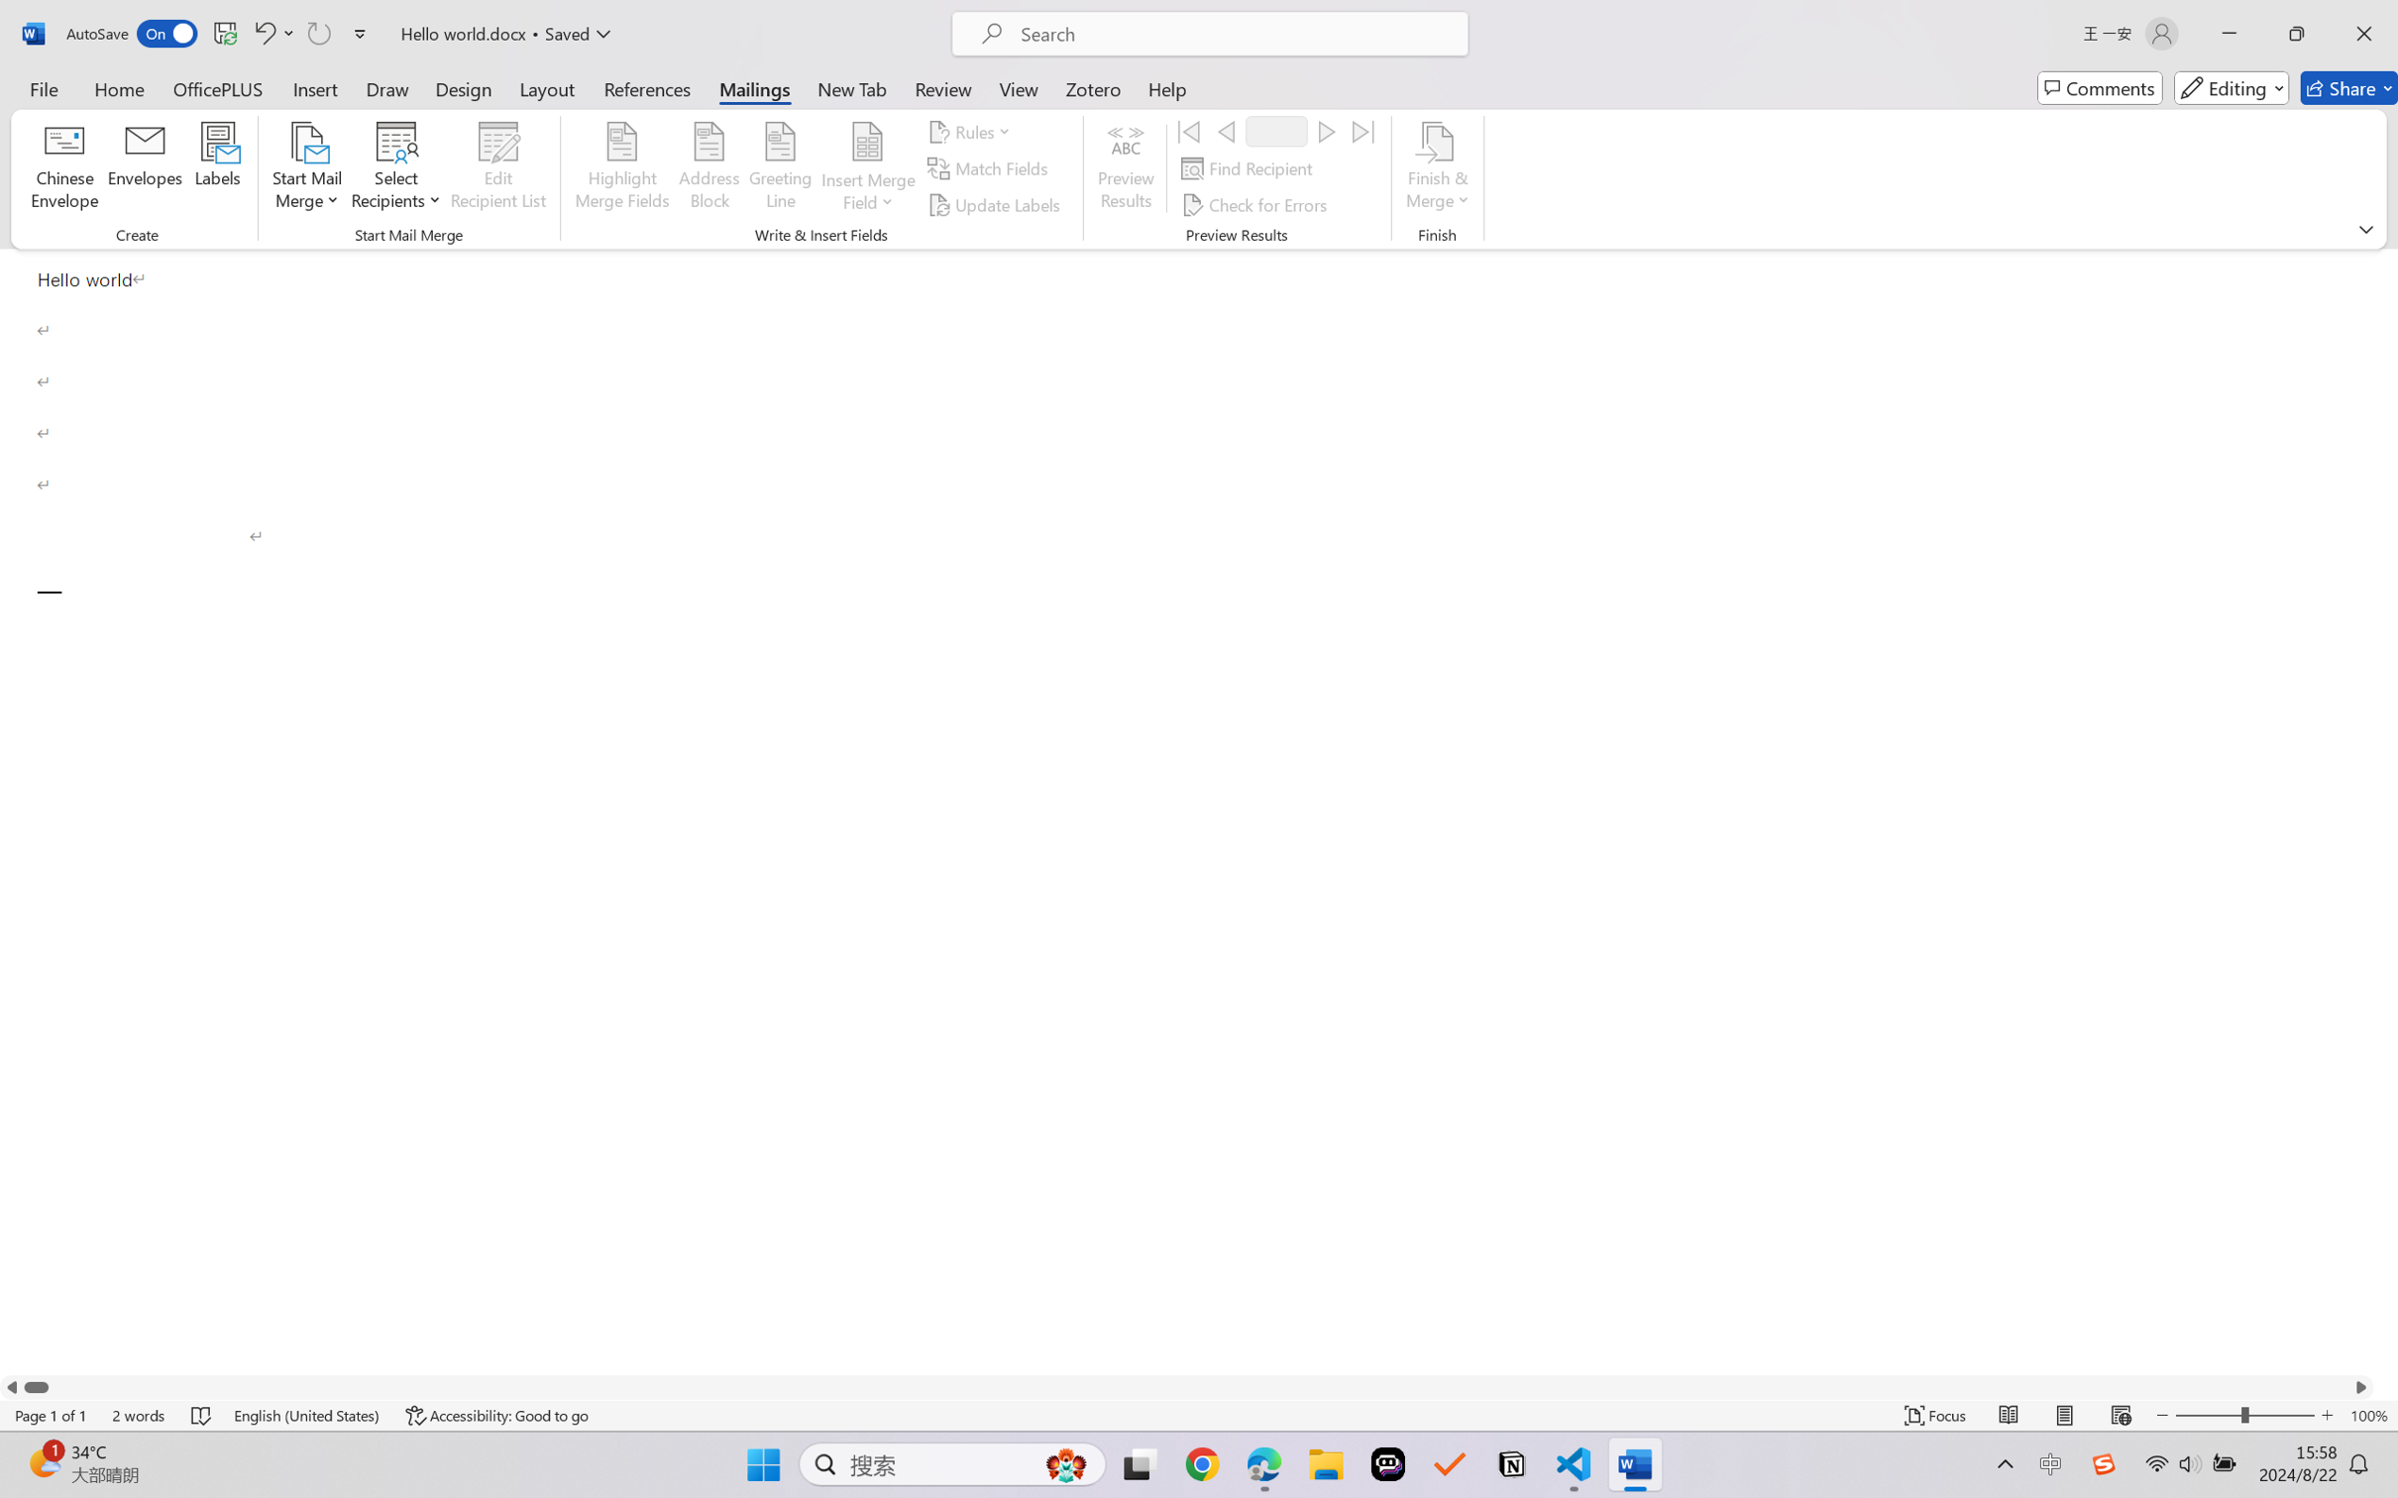 The image size is (2398, 1498). Describe the element at coordinates (146, 168) in the screenshot. I see `'Envelopes...'` at that location.